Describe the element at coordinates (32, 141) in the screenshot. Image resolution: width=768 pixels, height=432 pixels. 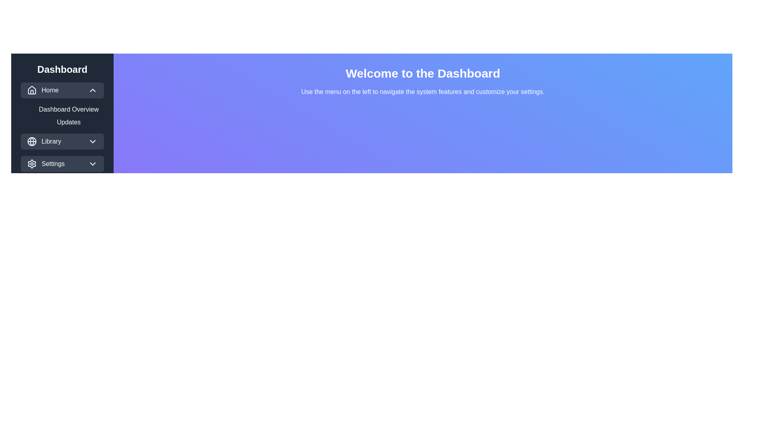
I see `the circular shape embedded within the 'Library' icon in the navigation side panel` at that location.